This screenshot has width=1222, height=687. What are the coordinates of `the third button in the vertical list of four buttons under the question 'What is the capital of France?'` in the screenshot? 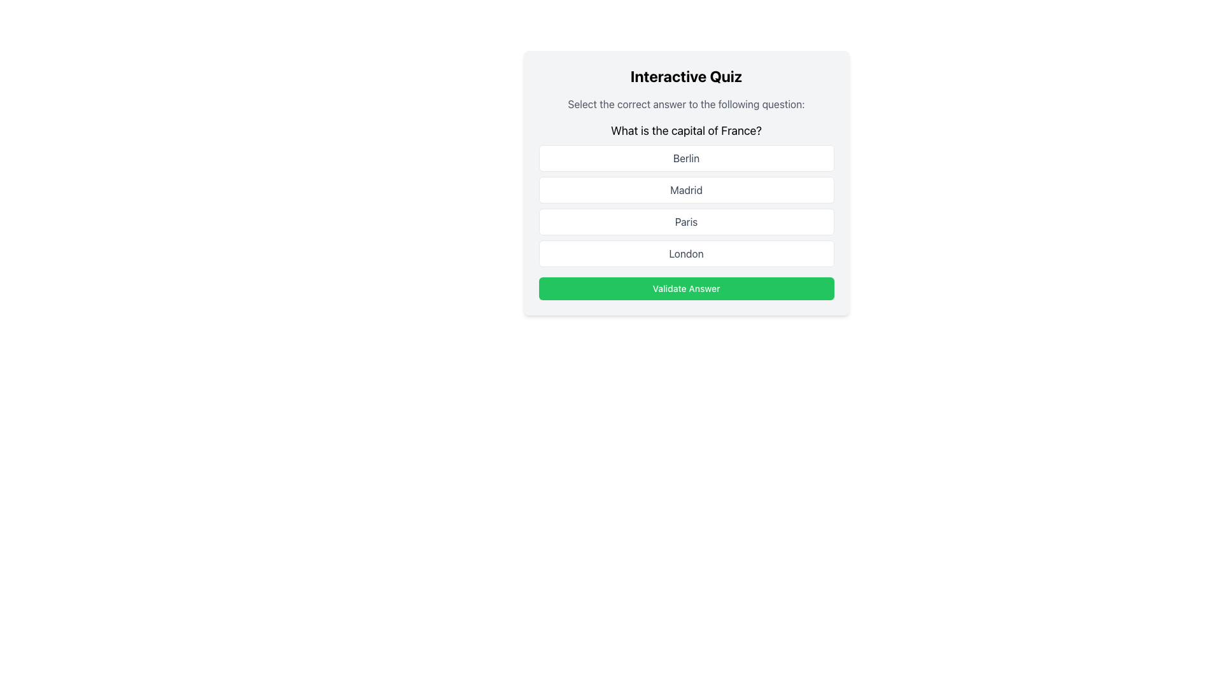 It's located at (685, 221).